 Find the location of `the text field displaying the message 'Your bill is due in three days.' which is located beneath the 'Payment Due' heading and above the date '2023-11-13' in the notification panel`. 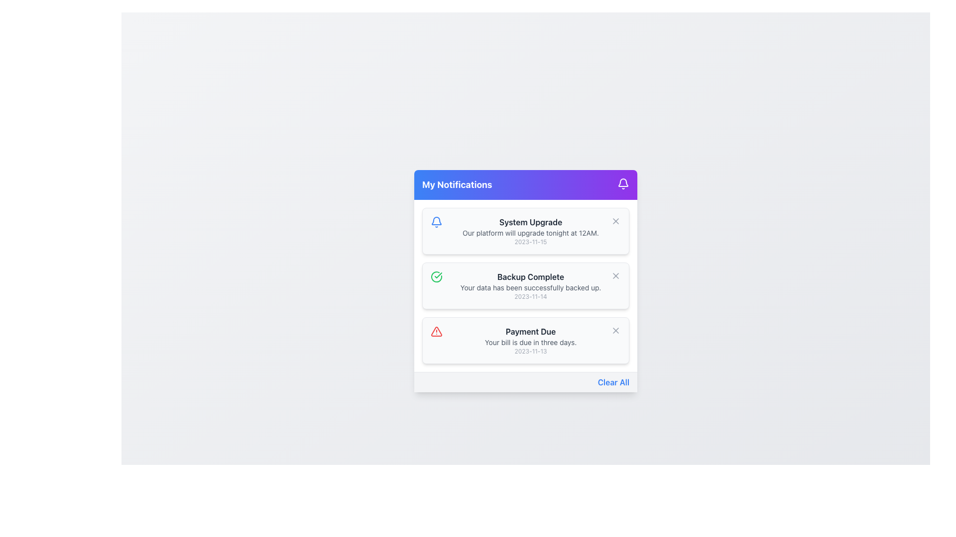

the text field displaying the message 'Your bill is due in three days.' which is located beneath the 'Payment Due' heading and above the date '2023-11-13' in the notification panel is located at coordinates (530, 342).